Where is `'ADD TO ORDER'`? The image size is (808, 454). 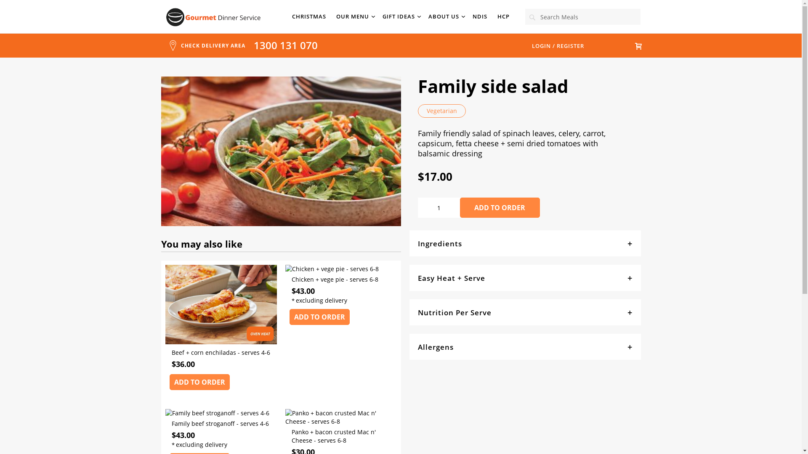
'ADD TO ORDER' is located at coordinates (499, 207).